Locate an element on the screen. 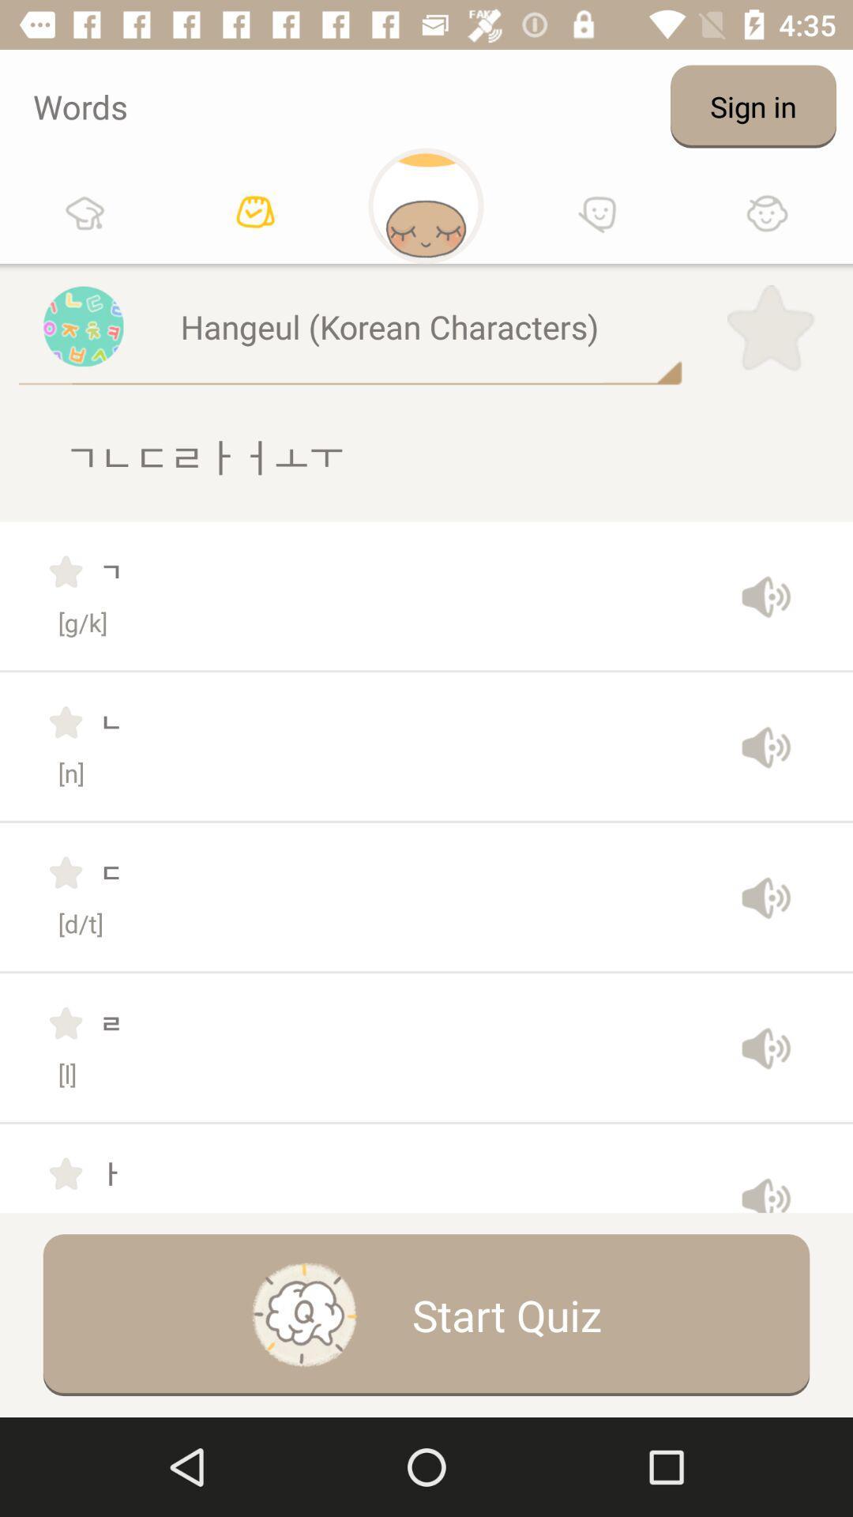 The image size is (853, 1517). the item next to words app is located at coordinates (752, 105).